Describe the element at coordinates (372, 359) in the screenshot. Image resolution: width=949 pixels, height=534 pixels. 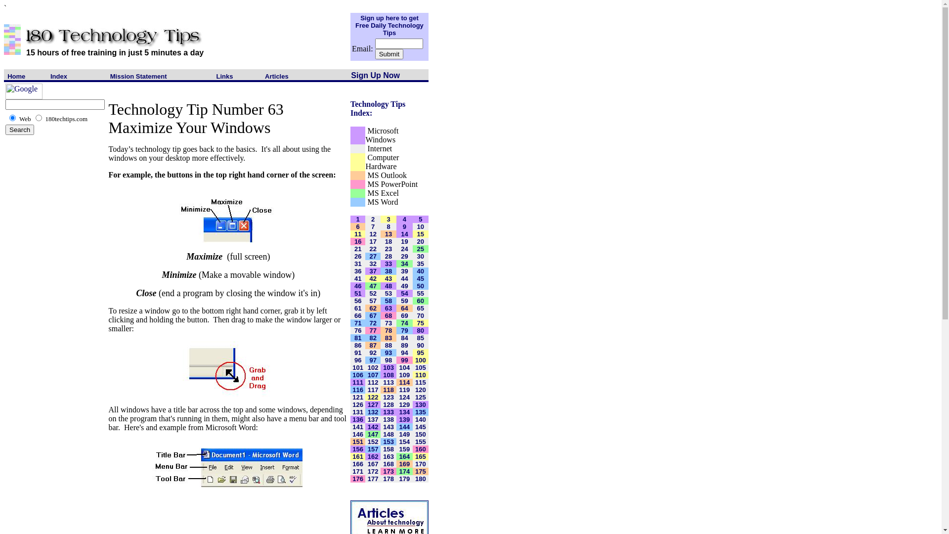
I see `'97'` at that location.